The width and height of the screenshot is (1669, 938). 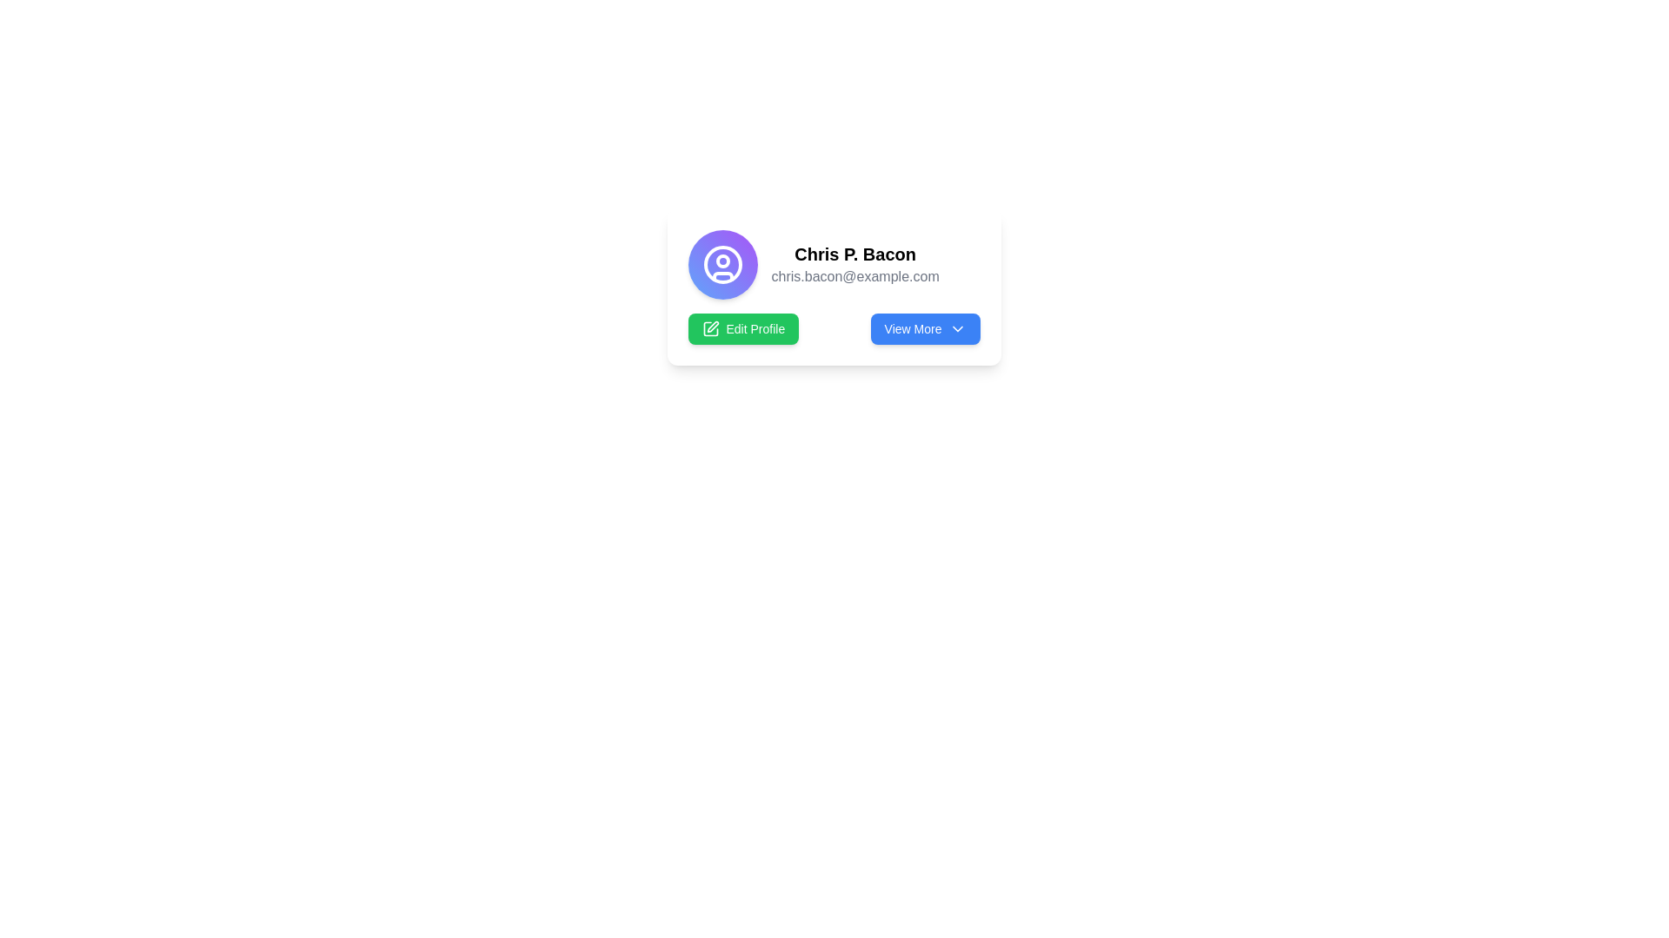 I want to click on the static text displaying 'chris.bacon@example.com' which is located directly beneath 'Chris P. Bacon', so click(x=855, y=276).